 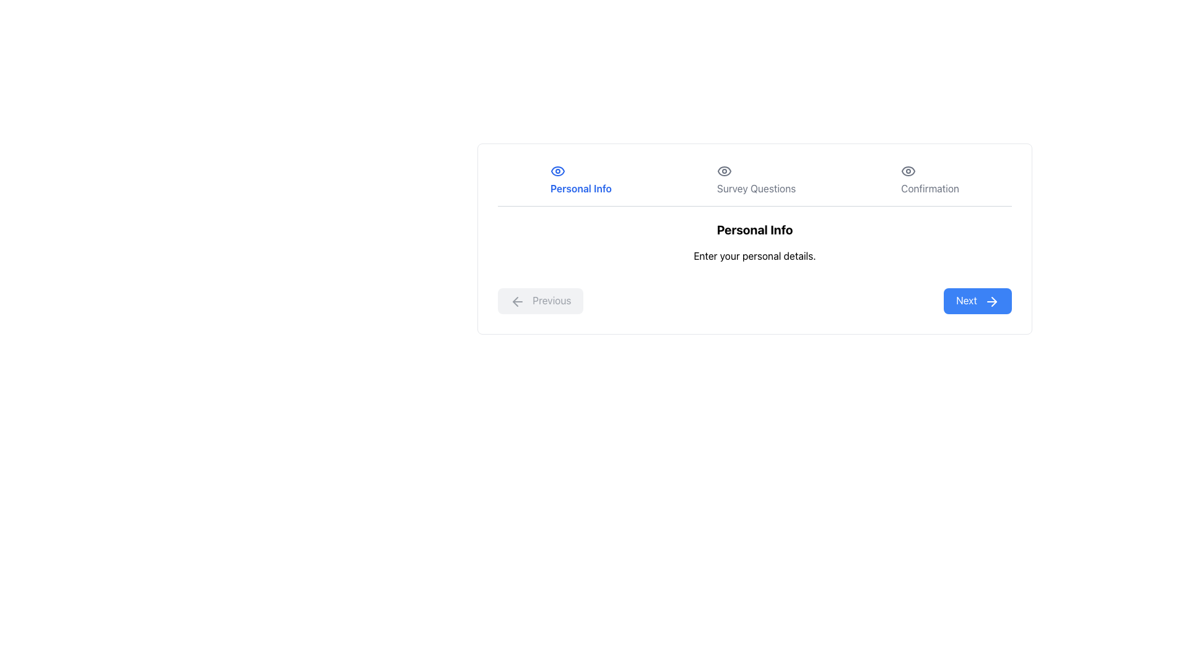 I want to click on the 'Personal Info' text label located in the navigation bar at the top of the main content area, styled with blue text color and bold font weight, so click(x=580, y=188).